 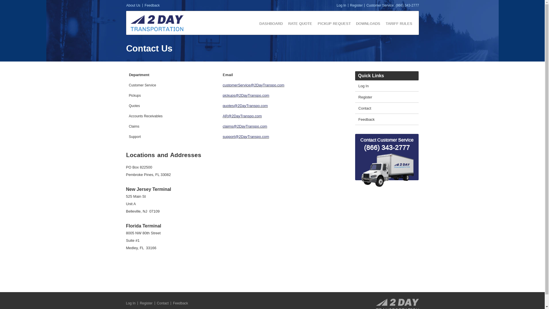 What do you see at coordinates (313, 23) in the screenshot?
I see `'PICKUP REQUEST'` at bounding box center [313, 23].